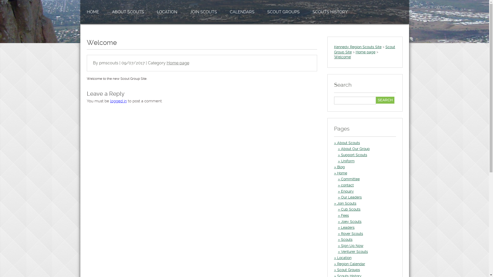 The height and width of the screenshot is (277, 493). Describe the element at coordinates (338, 251) in the screenshot. I see `'Venturer Scouts'` at that location.